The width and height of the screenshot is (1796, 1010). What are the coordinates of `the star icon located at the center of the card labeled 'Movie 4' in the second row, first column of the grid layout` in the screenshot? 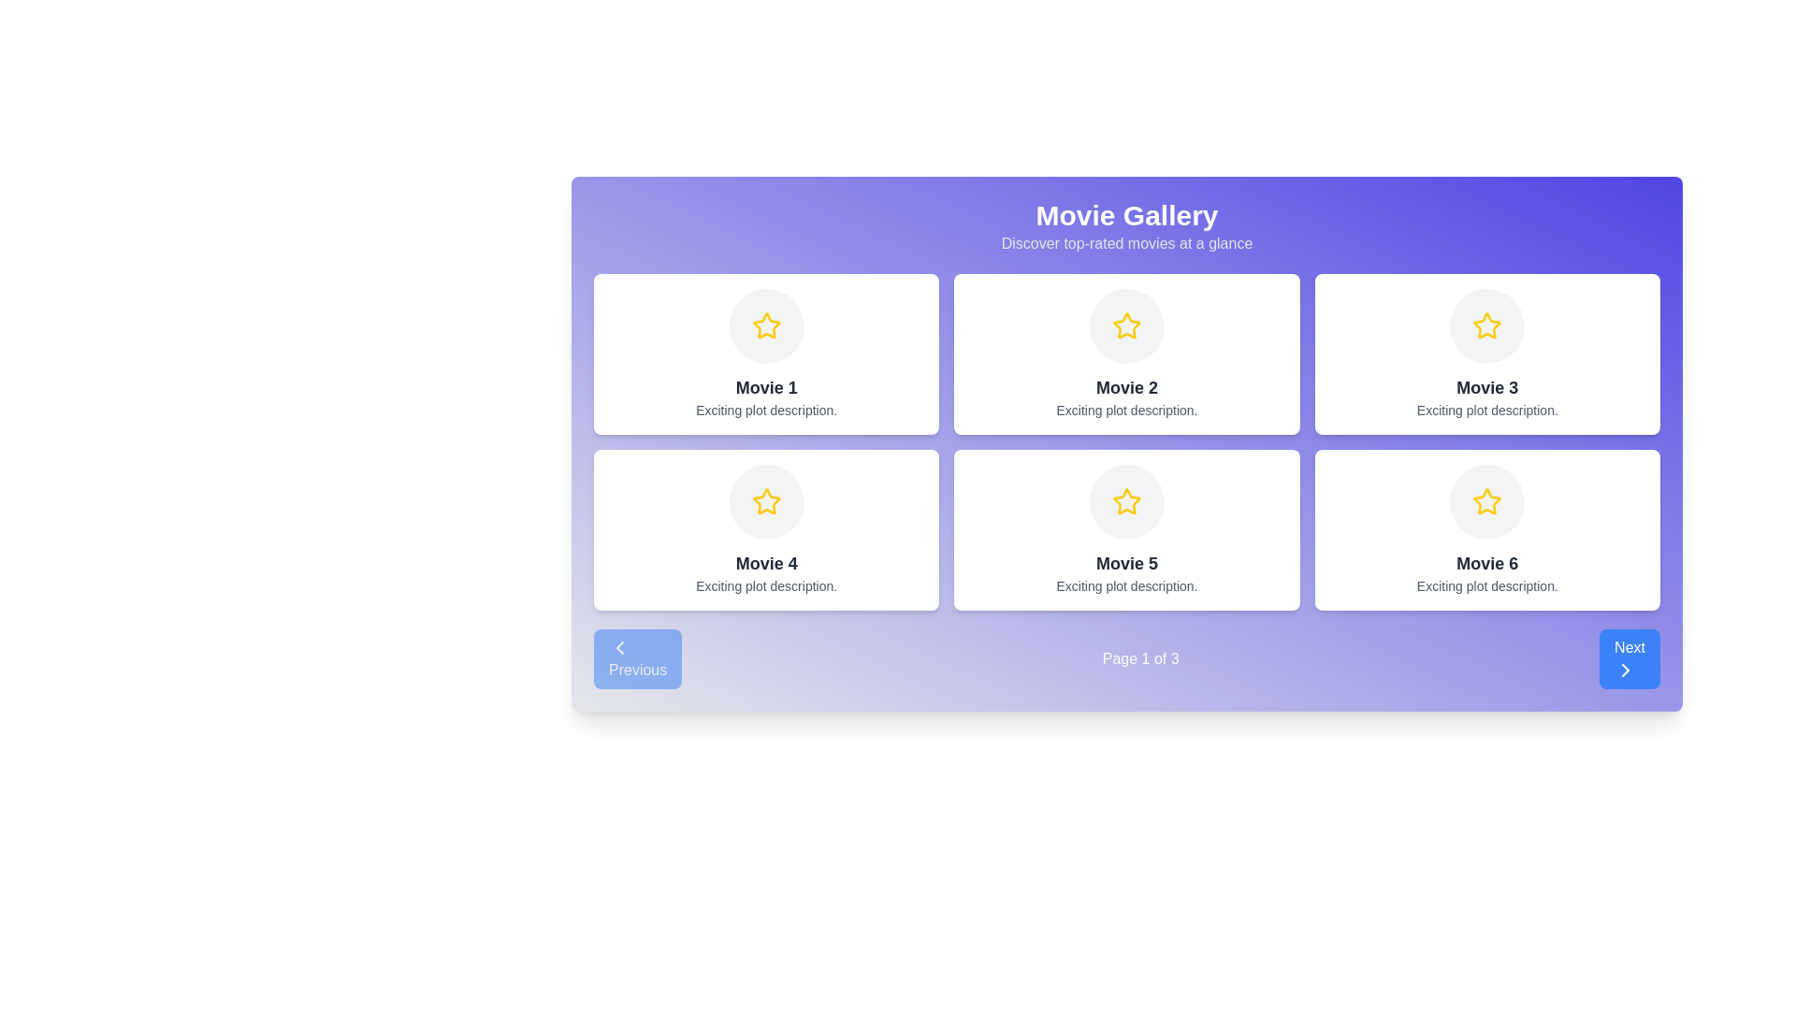 It's located at (766, 500).